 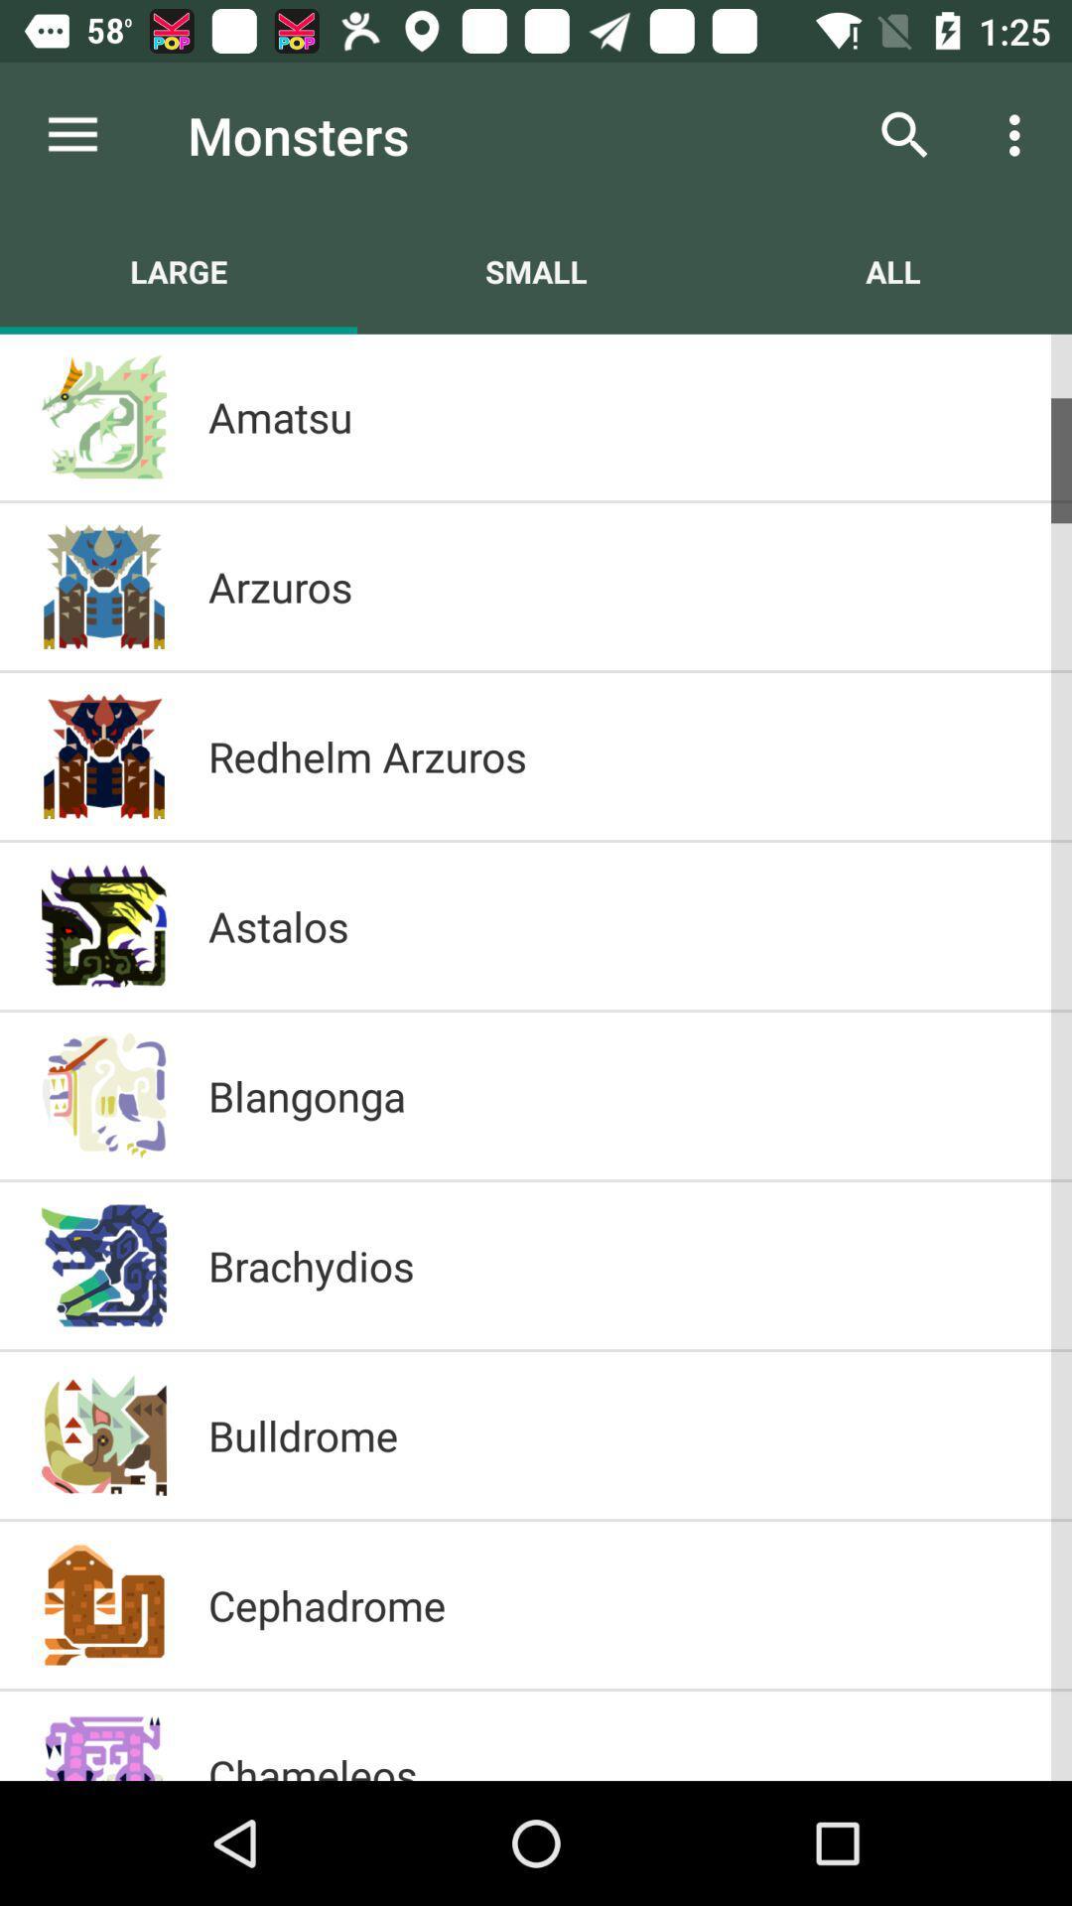 What do you see at coordinates (618, 1434) in the screenshot?
I see `the item above the cephadrome icon` at bounding box center [618, 1434].